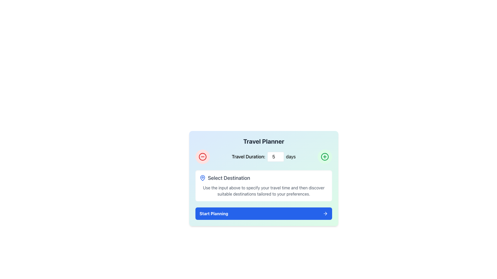 This screenshot has width=497, height=279. Describe the element at coordinates (202, 178) in the screenshot. I see `the left-most icon under the 'Select Destination' heading` at that location.